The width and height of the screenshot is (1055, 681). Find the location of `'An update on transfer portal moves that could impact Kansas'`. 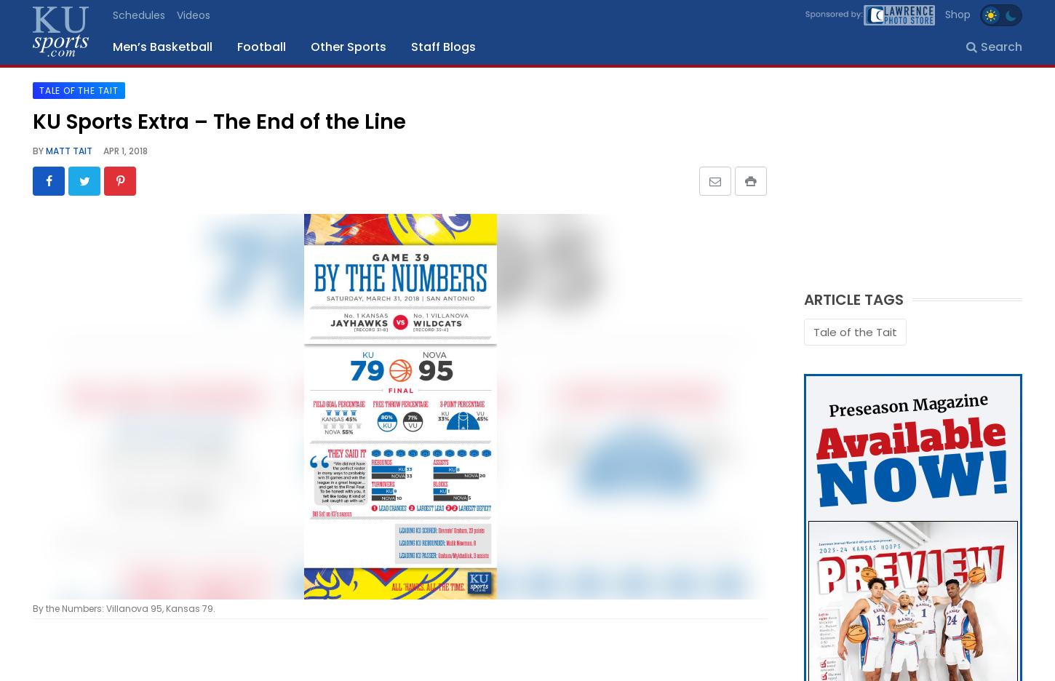

'An update on transfer portal moves that could impact Kansas' is located at coordinates (170, 362).